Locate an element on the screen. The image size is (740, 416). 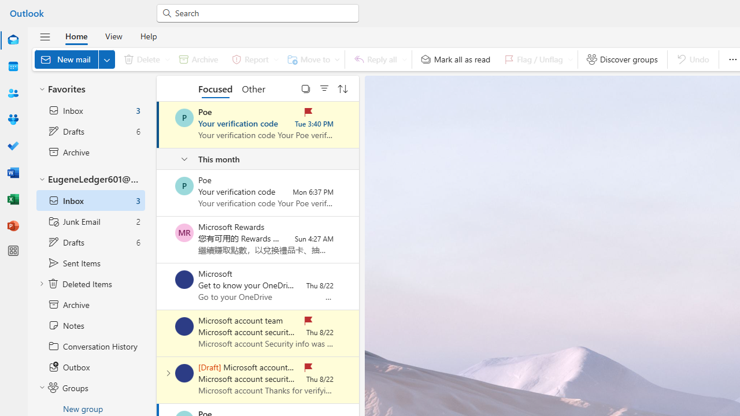
'Expand to see more report options' is located at coordinates (275, 59).